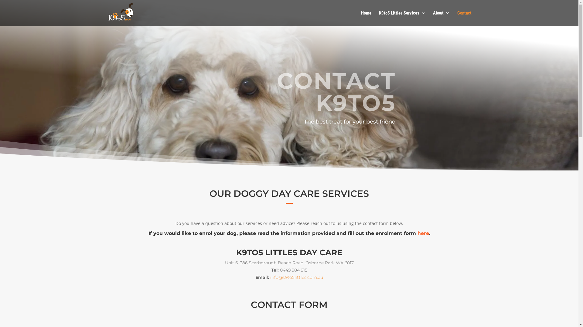  I want to click on 'here', so click(422, 233).